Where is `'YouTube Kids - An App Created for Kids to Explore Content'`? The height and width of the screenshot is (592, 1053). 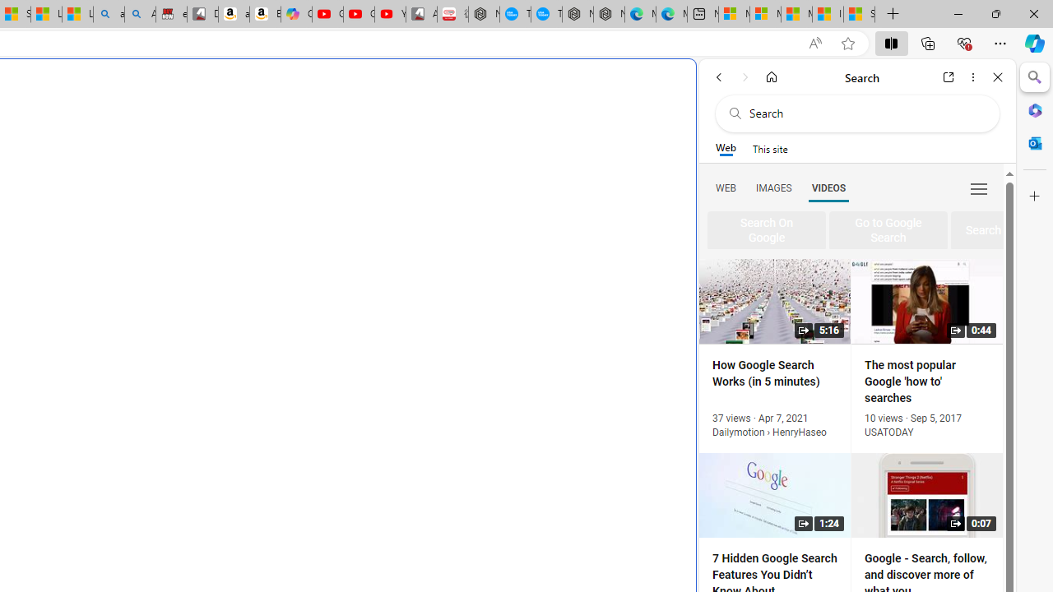 'YouTube Kids - An App Created for Kids to Explore Content' is located at coordinates (389, 14).